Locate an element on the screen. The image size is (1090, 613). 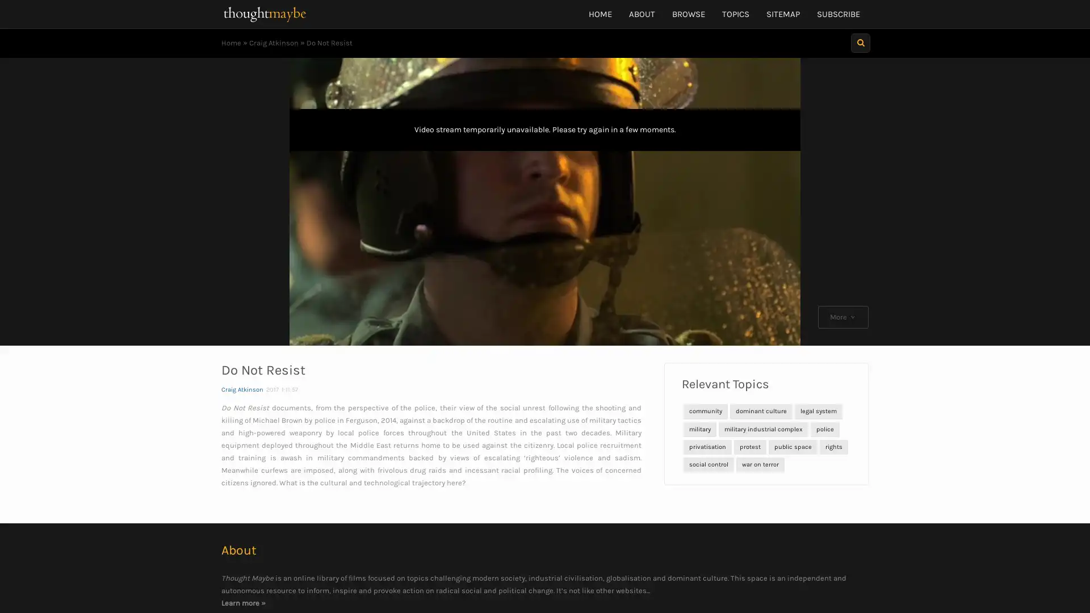
Play is located at coordinates (304, 334).